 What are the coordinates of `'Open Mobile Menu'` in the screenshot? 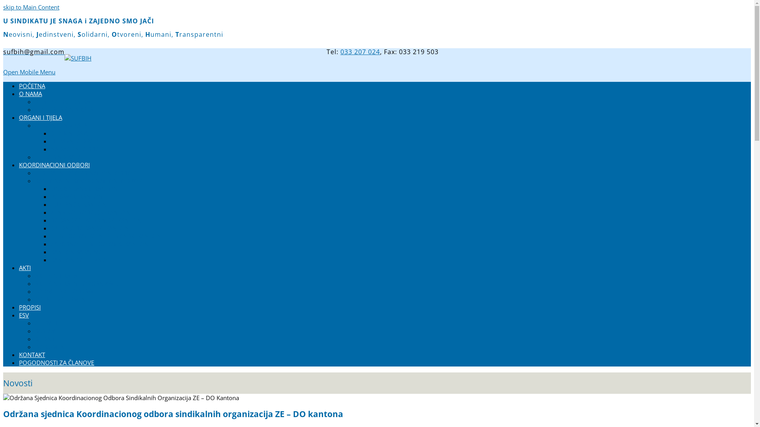 It's located at (29, 72).